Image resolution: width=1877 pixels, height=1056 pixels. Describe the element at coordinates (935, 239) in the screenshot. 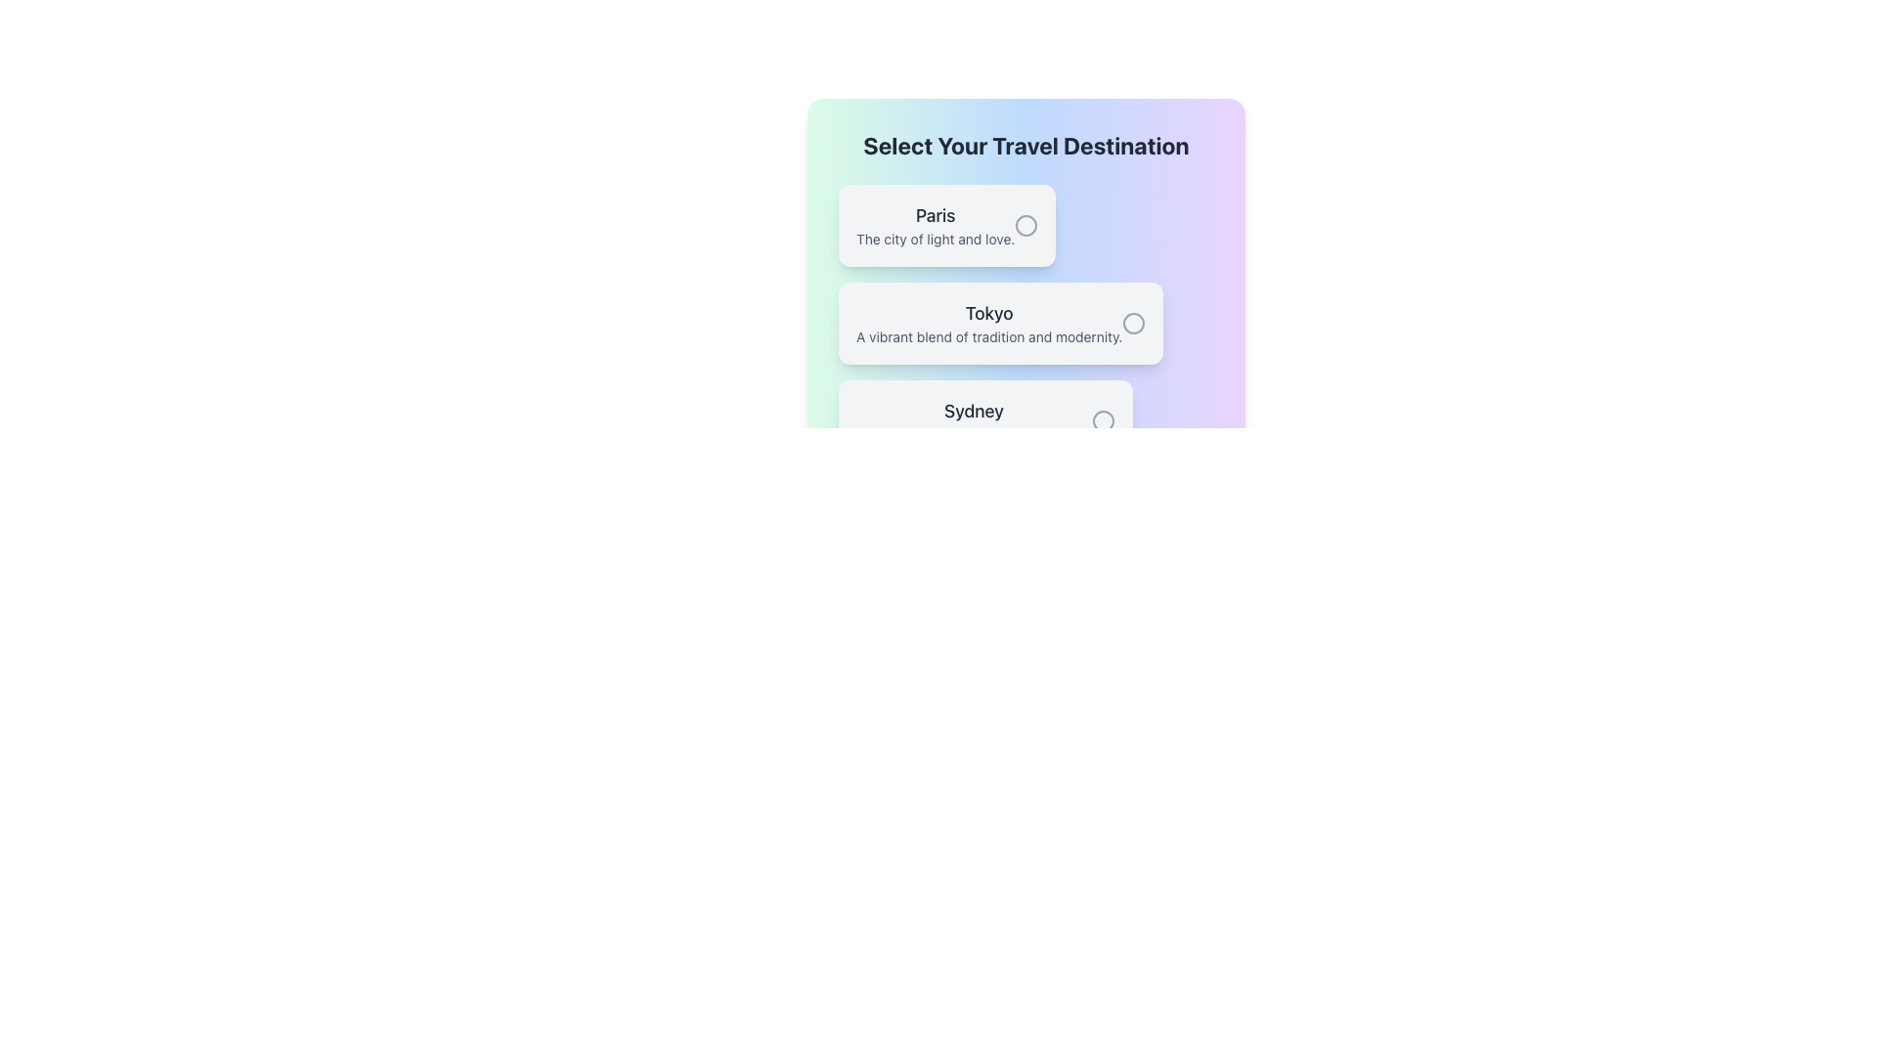

I see `text label displaying 'The city of light and love.' which is located below the heading 'Paris.'` at that location.